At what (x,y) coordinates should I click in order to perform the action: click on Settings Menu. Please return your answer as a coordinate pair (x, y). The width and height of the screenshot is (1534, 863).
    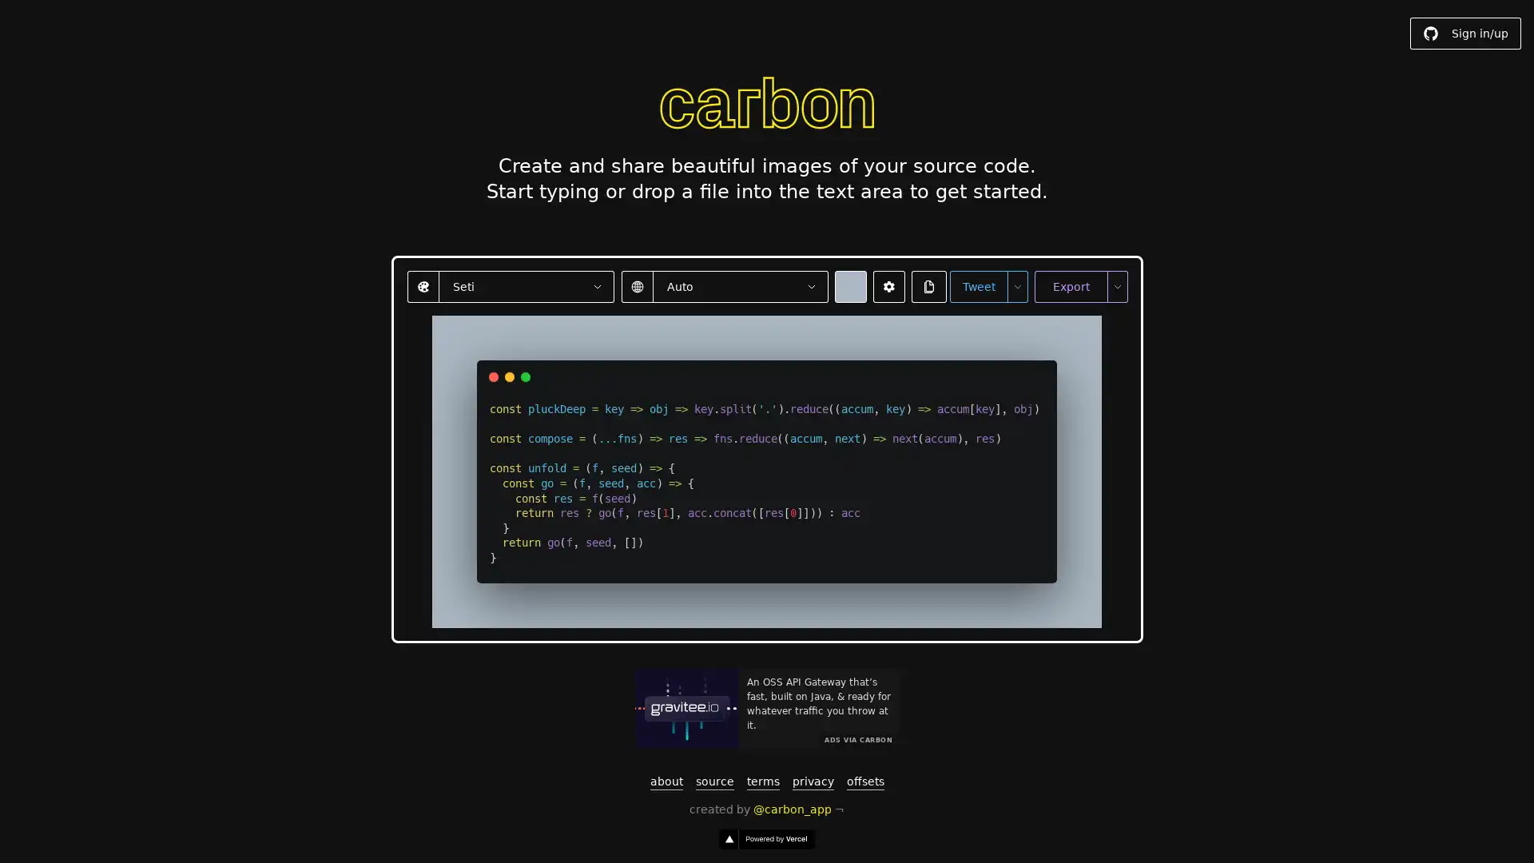
    Looking at the image, I should click on (888, 285).